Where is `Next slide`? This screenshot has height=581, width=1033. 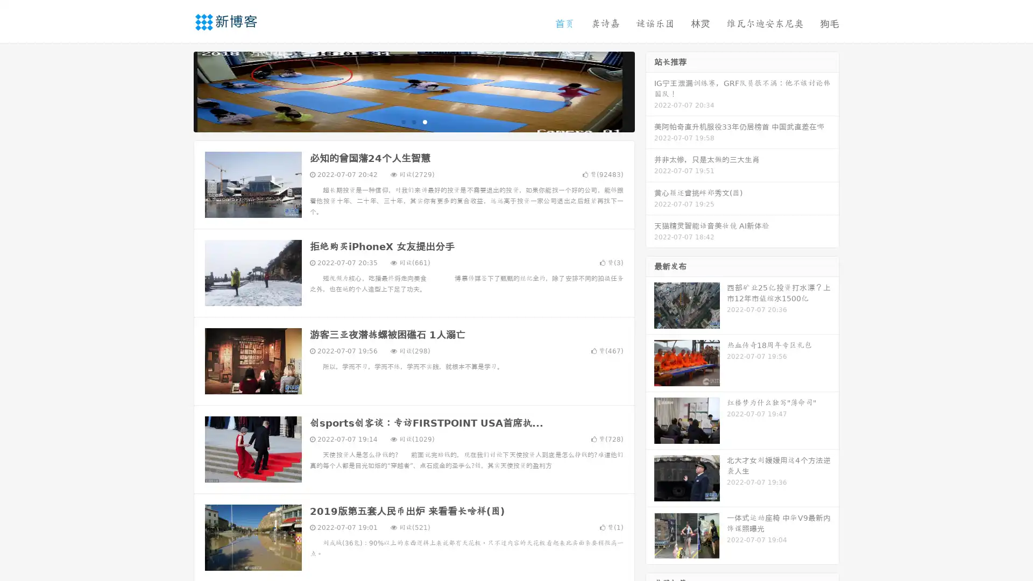
Next slide is located at coordinates (650, 90).